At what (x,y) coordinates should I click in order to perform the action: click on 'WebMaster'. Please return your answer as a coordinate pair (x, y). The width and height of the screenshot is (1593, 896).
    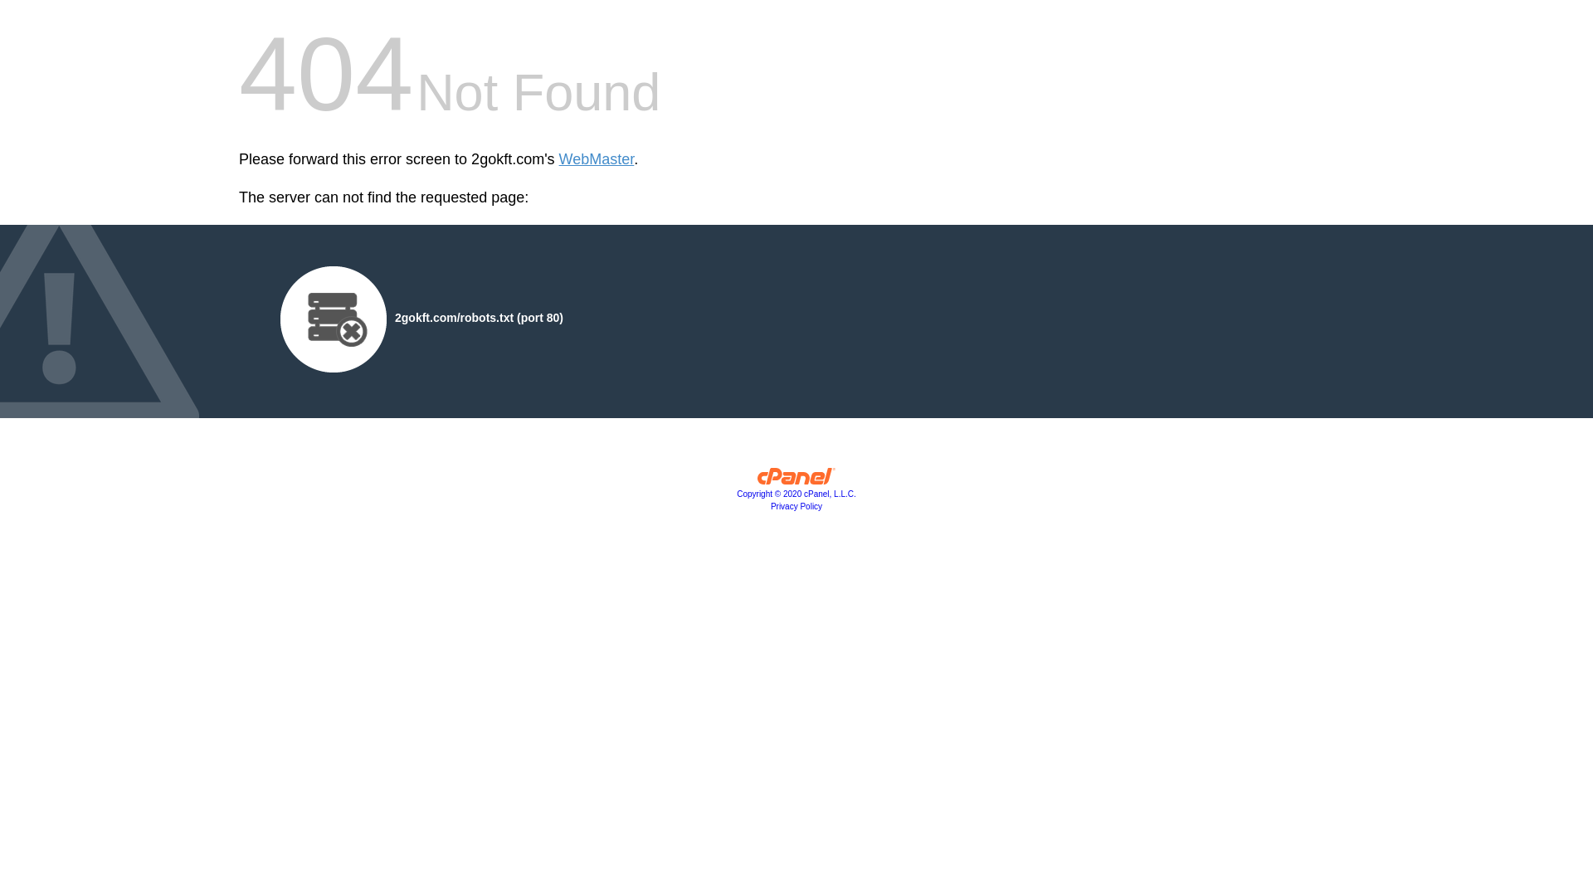
    Looking at the image, I should click on (597, 159).